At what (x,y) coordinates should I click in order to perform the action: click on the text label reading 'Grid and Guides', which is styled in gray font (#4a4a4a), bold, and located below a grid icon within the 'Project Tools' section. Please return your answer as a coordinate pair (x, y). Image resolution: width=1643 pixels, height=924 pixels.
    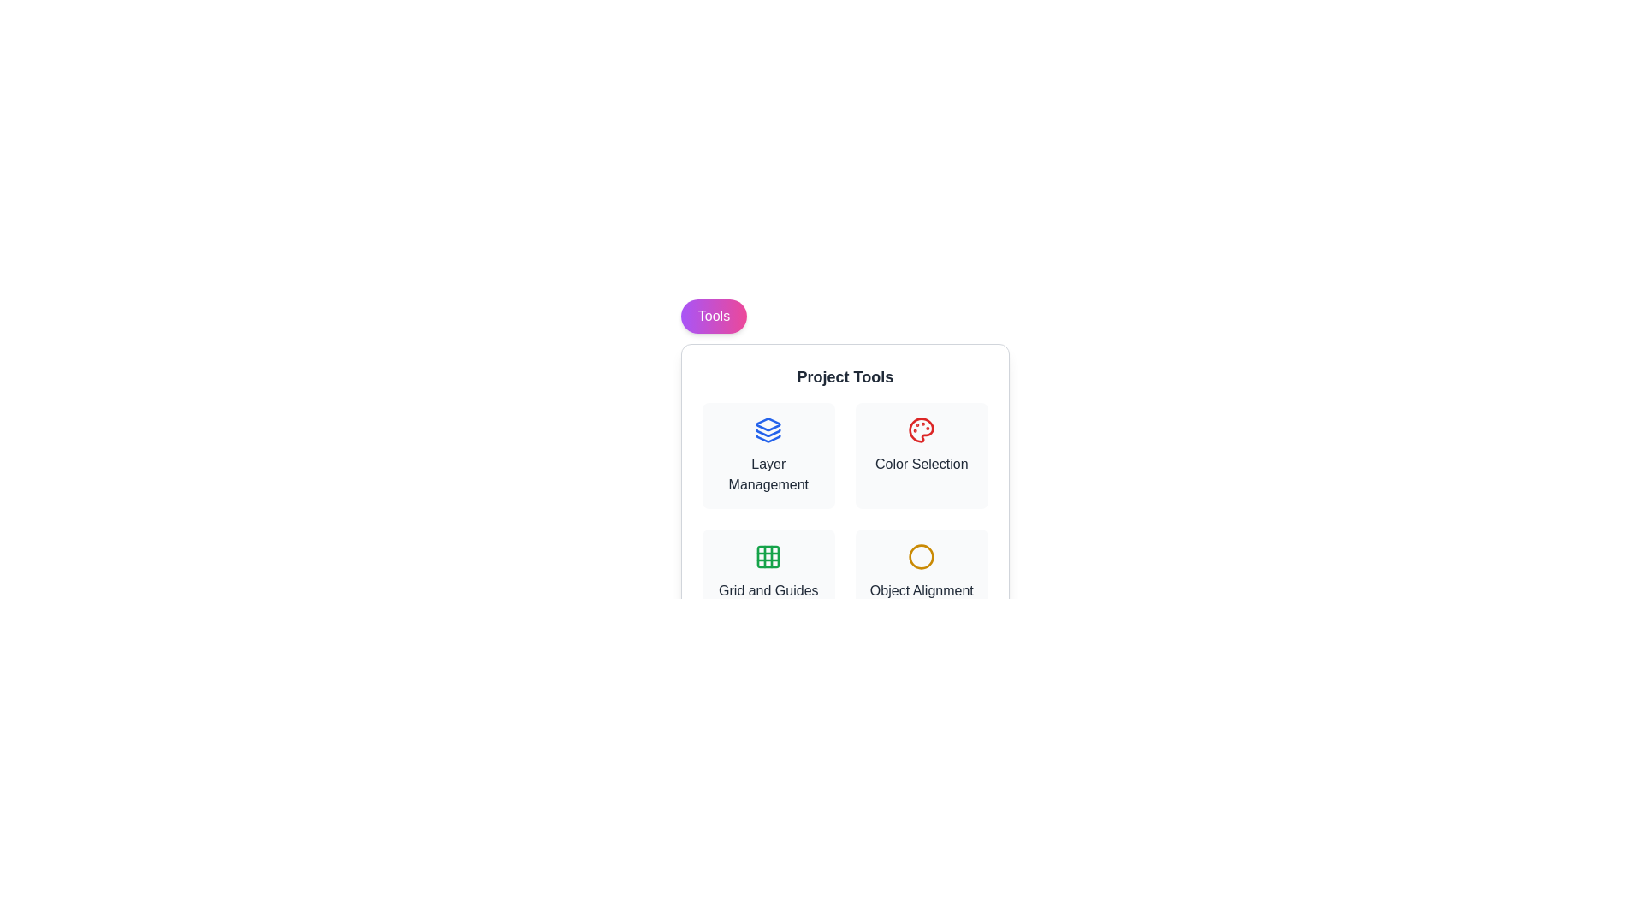
    Looking at the image, I should click on (768, 589).